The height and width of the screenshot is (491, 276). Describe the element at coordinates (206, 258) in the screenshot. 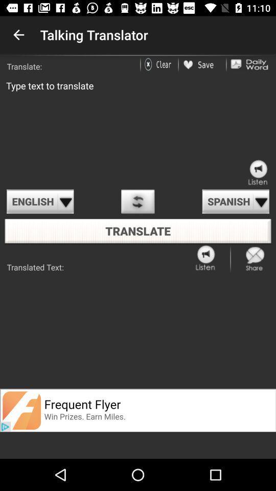

I see `listen the article` at that location.